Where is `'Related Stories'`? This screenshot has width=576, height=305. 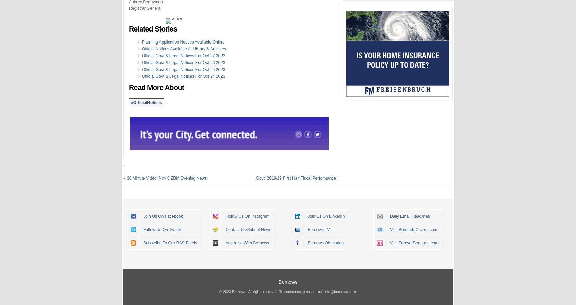 'Related Stories' is located at coordinates (153, 28).